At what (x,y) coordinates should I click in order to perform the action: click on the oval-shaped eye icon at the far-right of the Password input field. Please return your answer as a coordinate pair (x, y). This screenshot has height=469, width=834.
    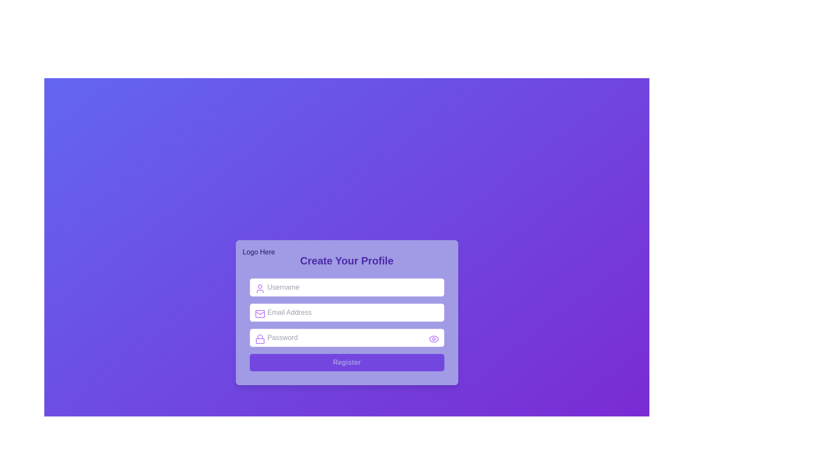
    Looking at the image, I should click on (434, 338).